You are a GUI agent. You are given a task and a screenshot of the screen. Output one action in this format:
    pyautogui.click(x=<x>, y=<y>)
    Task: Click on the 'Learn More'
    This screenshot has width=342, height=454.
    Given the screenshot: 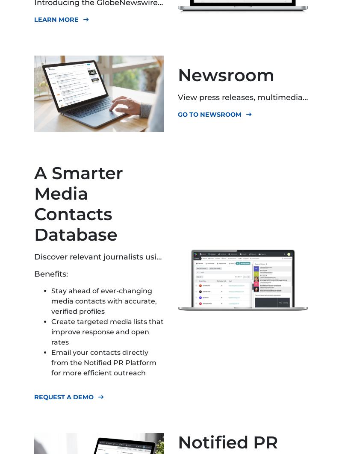 What is the action you would take?
    pyautogui.click(x=56, y=19)
    